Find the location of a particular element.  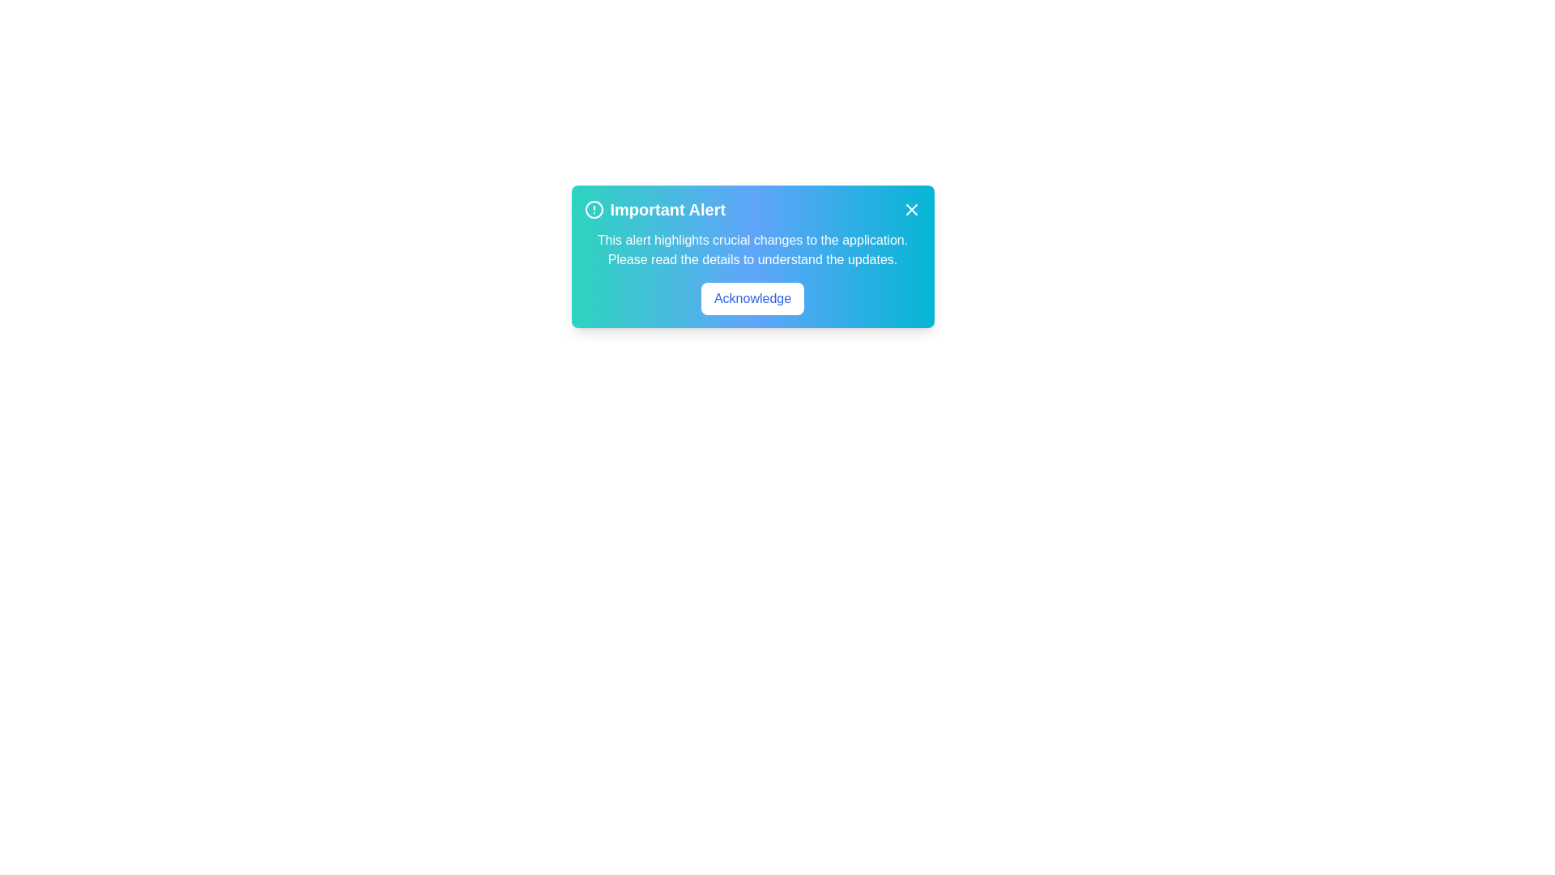

the close button of the alert panel to close it is located at coordinates (911, 208).